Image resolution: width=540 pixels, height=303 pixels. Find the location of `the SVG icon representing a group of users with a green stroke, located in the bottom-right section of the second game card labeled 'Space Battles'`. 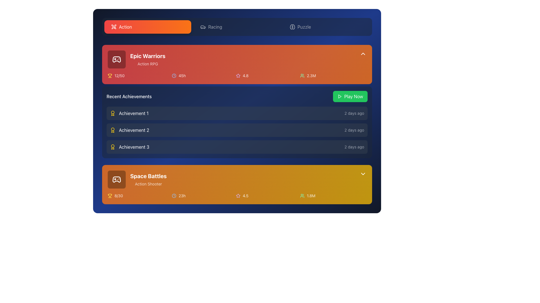

the SVG icon representing a group of users with a green stroke, located in the bottom-right section of the second game card labeled 'Space Battles' is located at coordinates (302, 196).